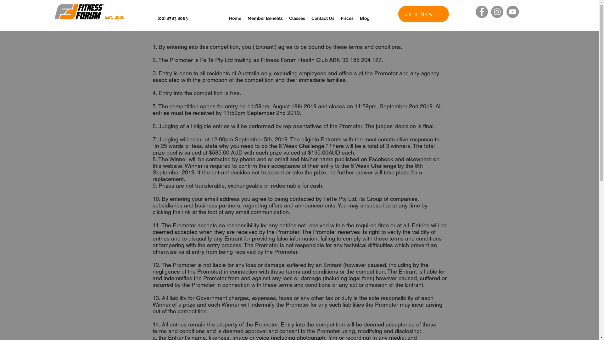  Describe the element at coordinates (235, 18) in the screenshot. I see `'Home'` at that location.